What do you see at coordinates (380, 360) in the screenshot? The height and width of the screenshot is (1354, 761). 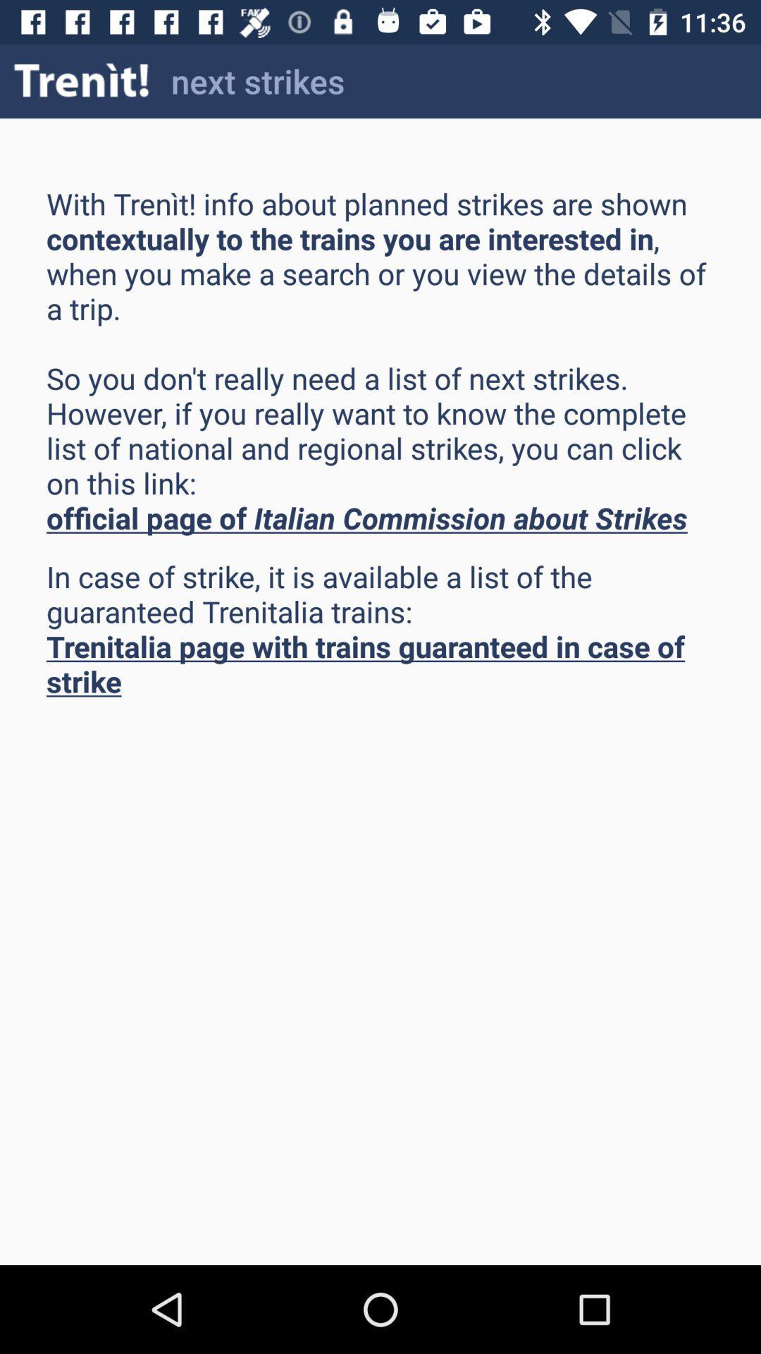 I see `item above the in case of item` at bounding box center [380, 360].